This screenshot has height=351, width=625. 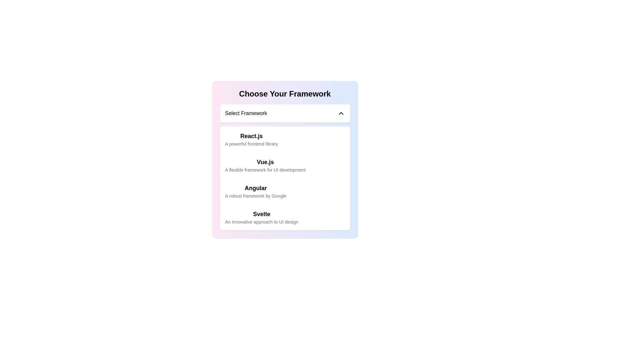 I want to click on the upward-pointing chevron icon located on the rightmost side of the 'Select Framework' button, so click(x=340, y=113).